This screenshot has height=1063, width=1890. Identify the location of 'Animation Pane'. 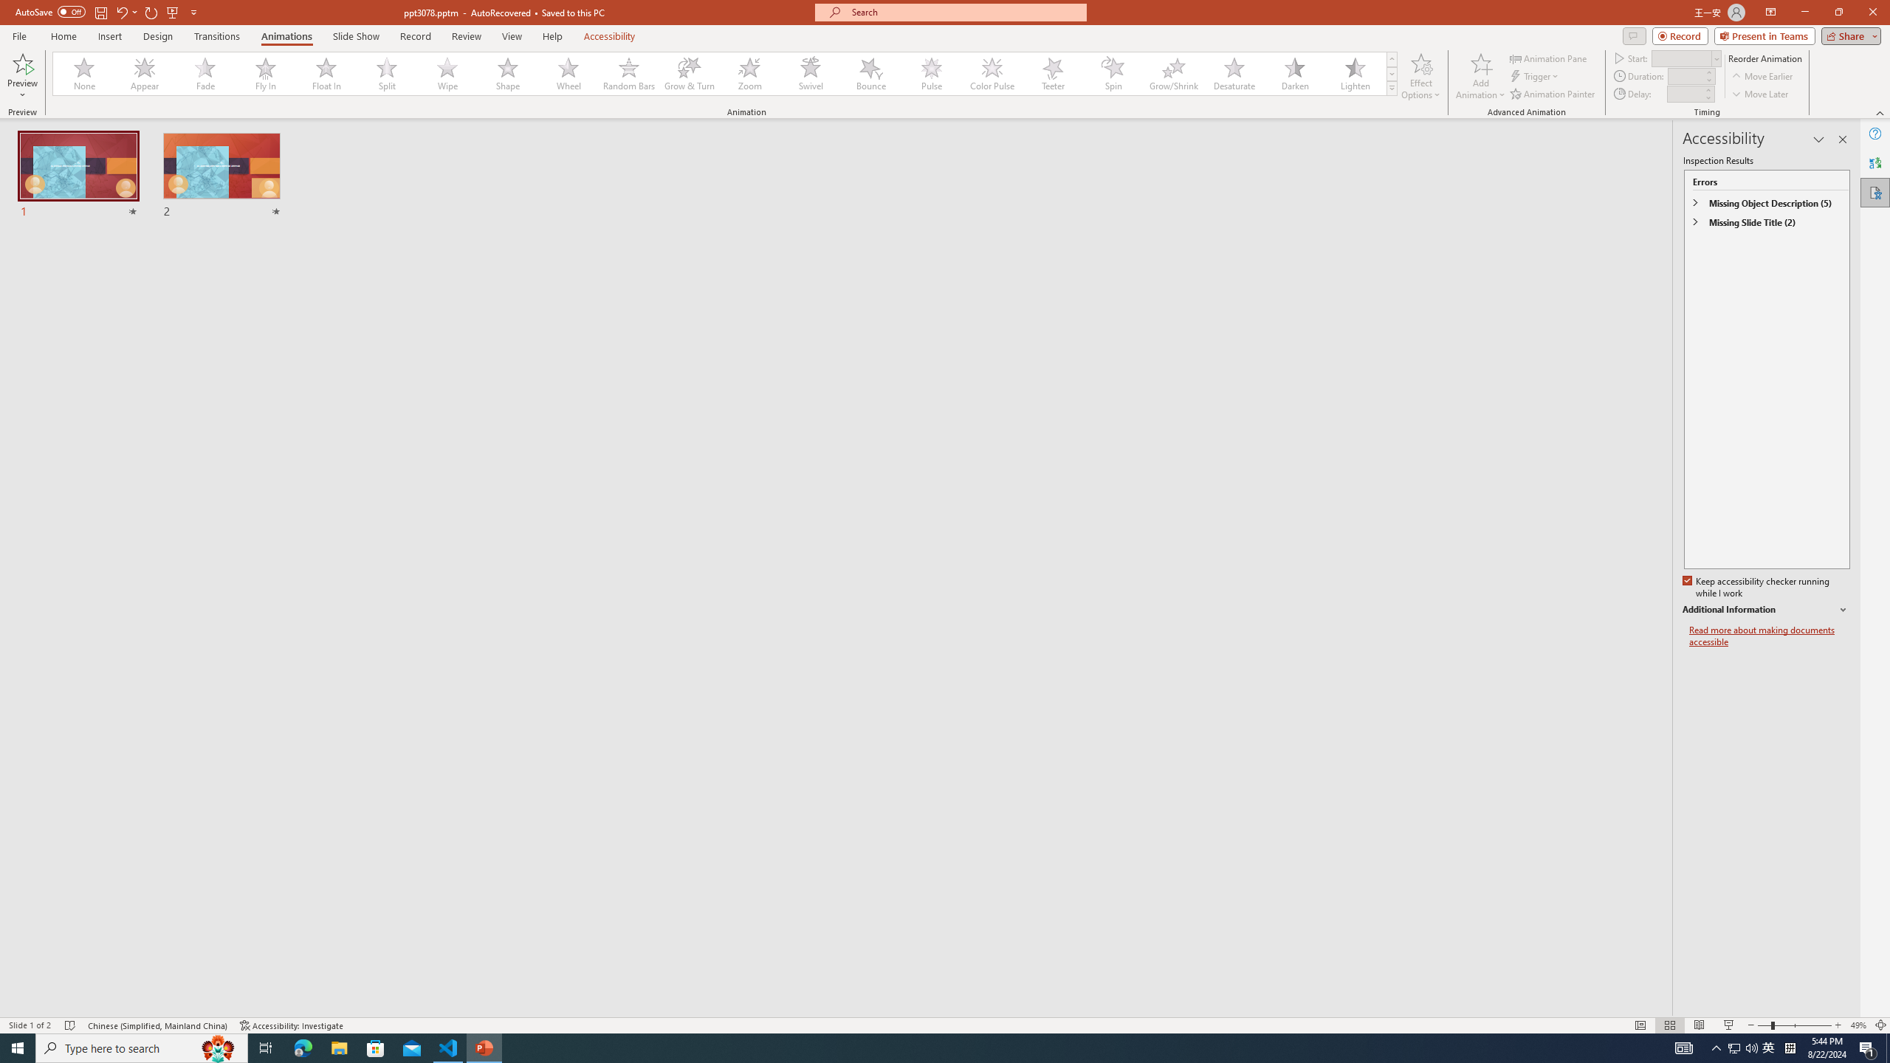
(1550, 58).